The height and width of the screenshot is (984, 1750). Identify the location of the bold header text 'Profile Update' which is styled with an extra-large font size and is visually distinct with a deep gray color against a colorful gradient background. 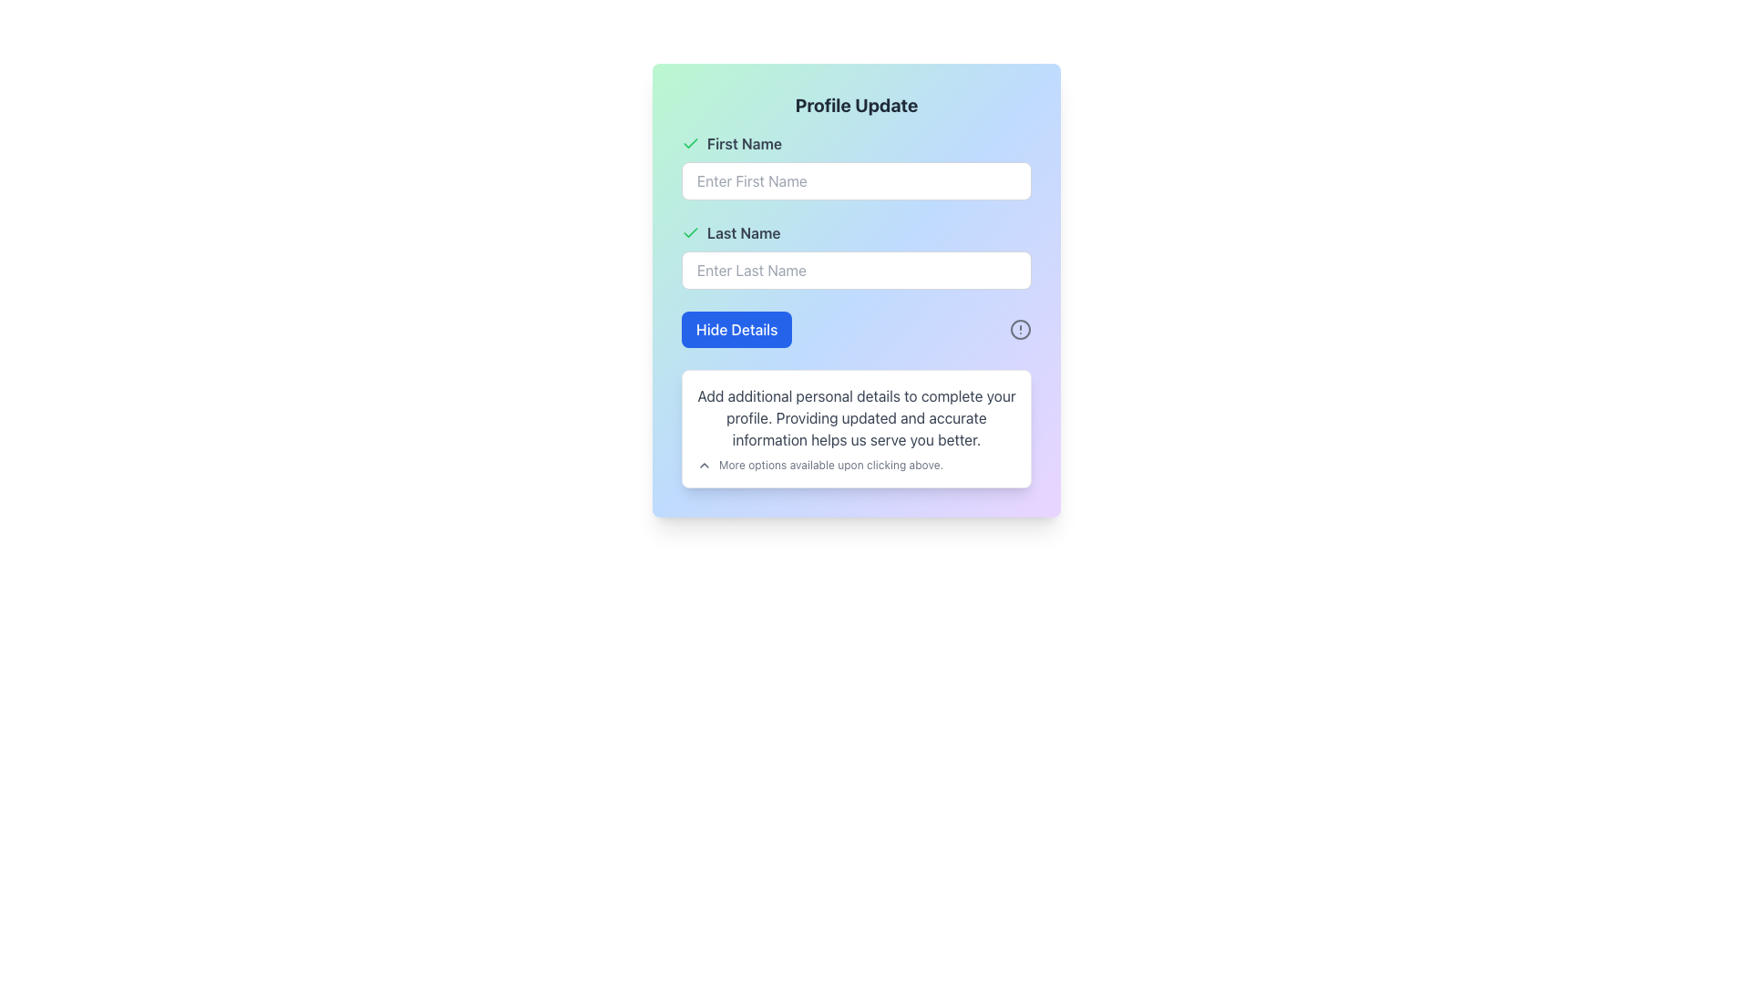
(856, 105).